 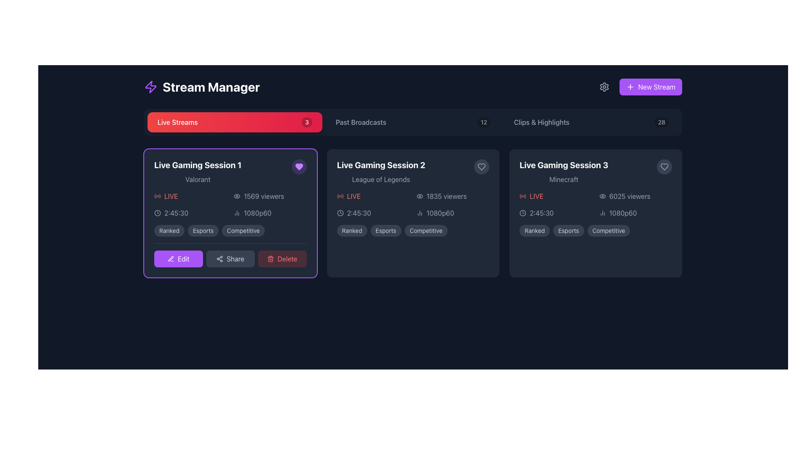 I want to click on text label displaying '6025 viewers' associated with the eye icon in the third card of the live streaming sessions, so click(x=636, y=196).